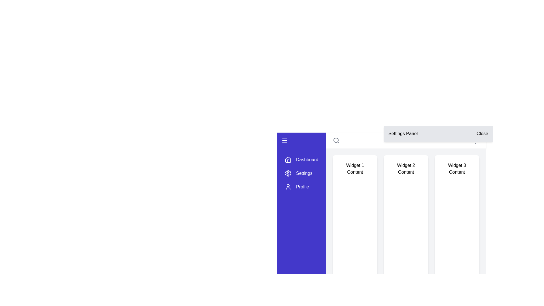 The width and height of the screenshot is (544, 306). Describe the element at coordinates (476, 140) in the screenshot. I see `the notification center icon/button located near the top of the interface, second from the right` at that location.